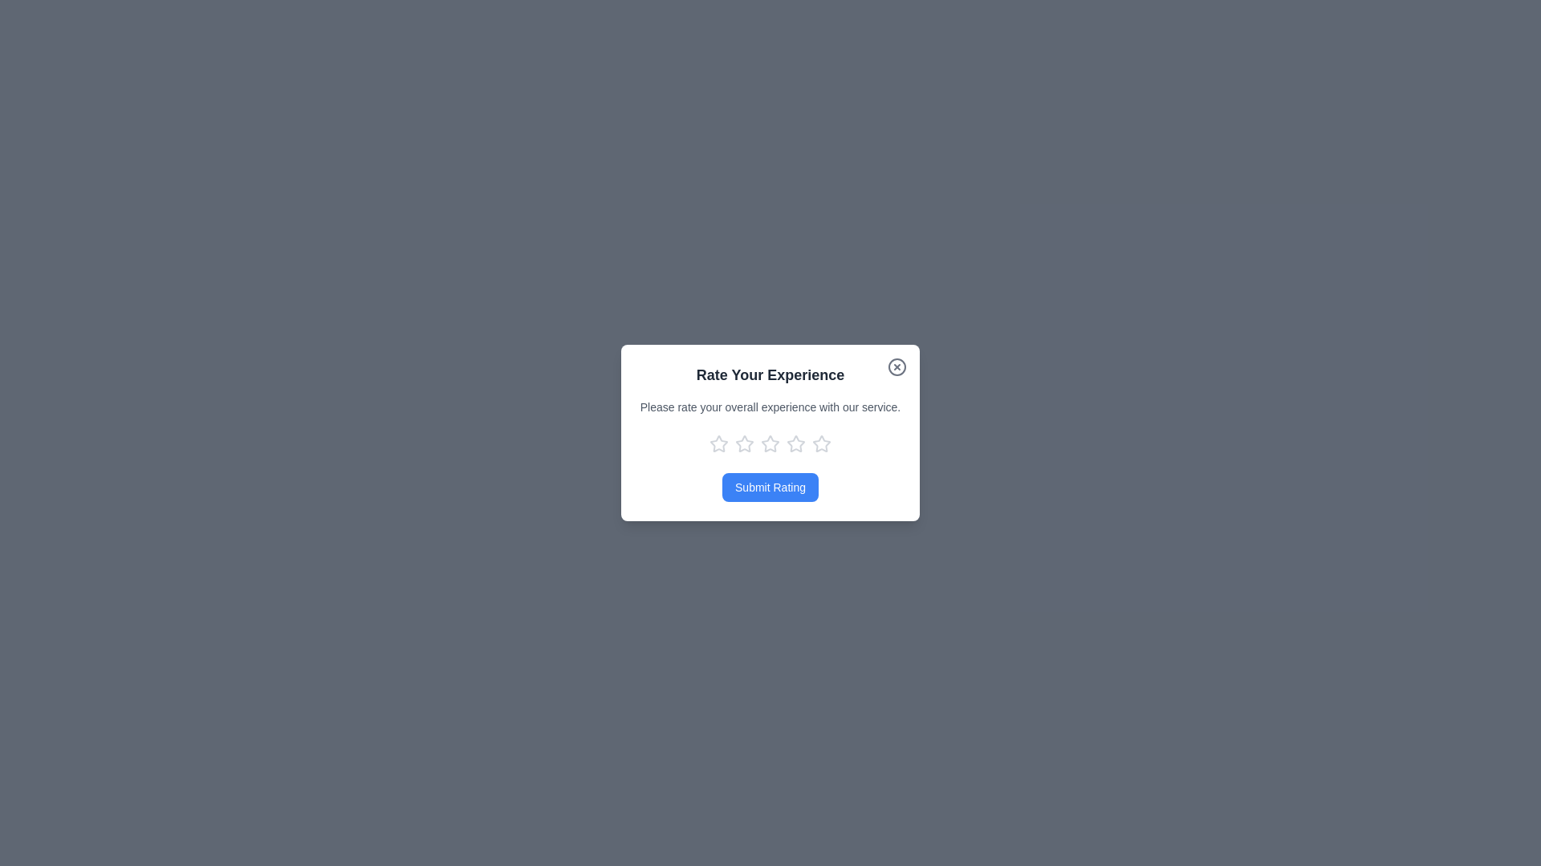  What do you see at coordinates (743, 444) in the screenshot?
I see `the star corresponding to the rating 2 to provide a rating` at bounding box center [743, 444].